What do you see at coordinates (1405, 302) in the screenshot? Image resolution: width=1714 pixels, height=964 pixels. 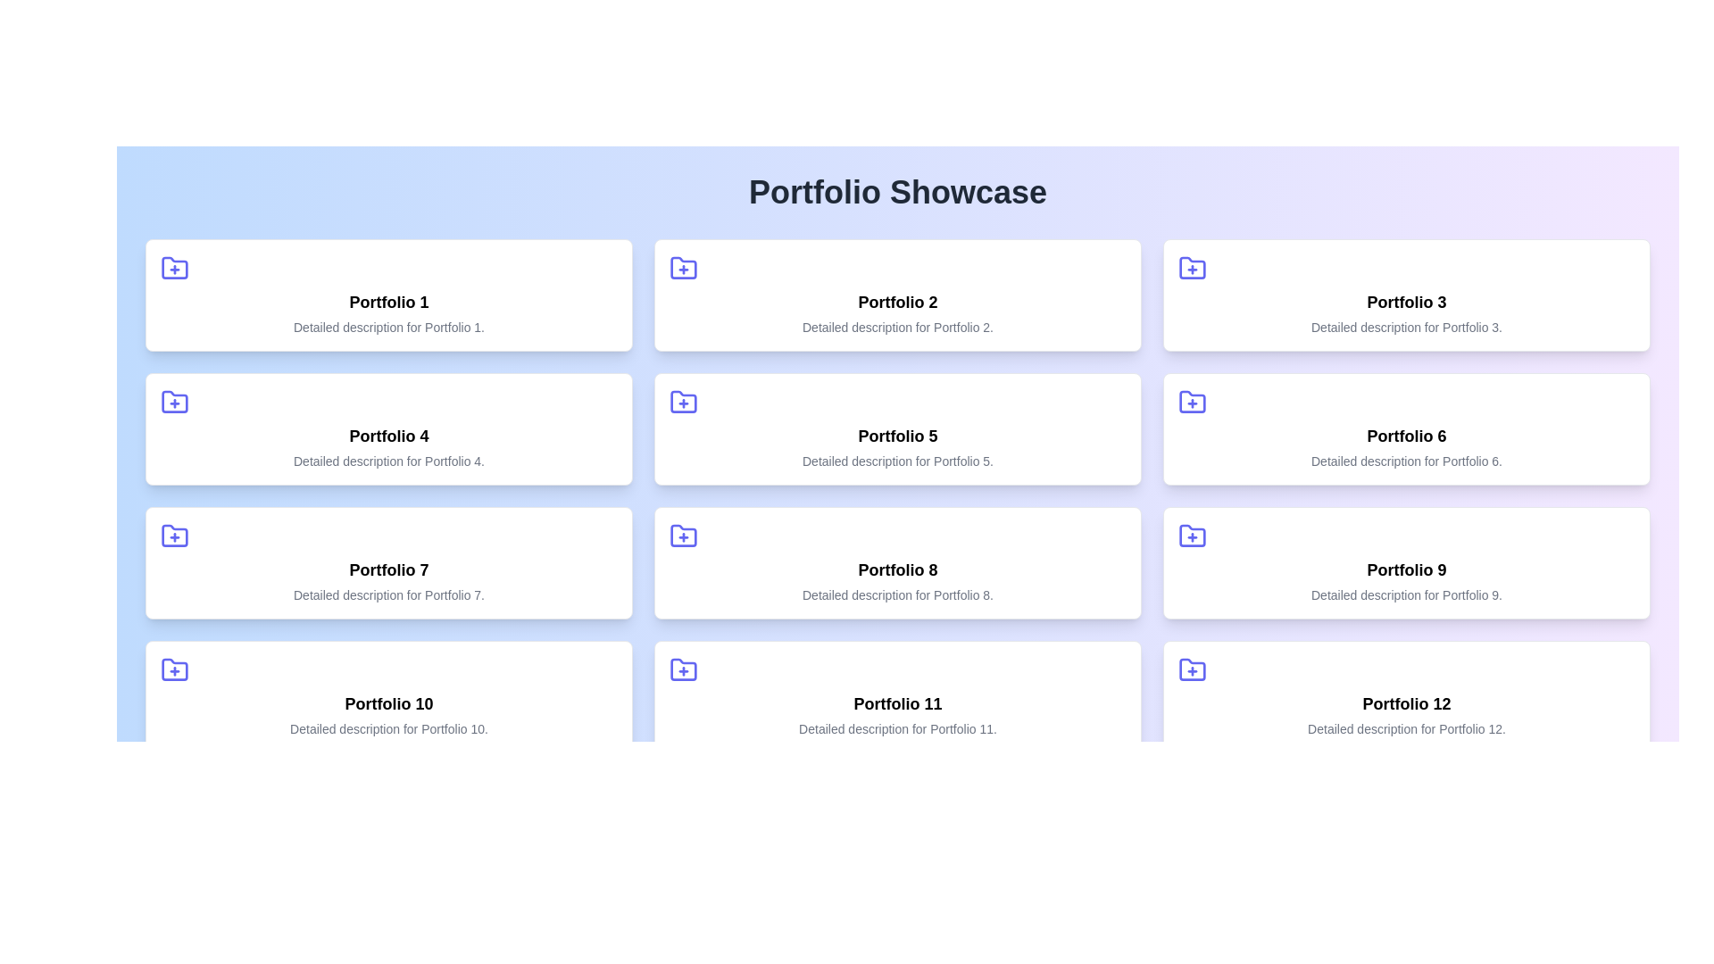 I see `the static text label displaying 'Portfolio 3' located within the third card of the first row in the Portfolio Showcase grid layout` at bounding box center [1405, 302].